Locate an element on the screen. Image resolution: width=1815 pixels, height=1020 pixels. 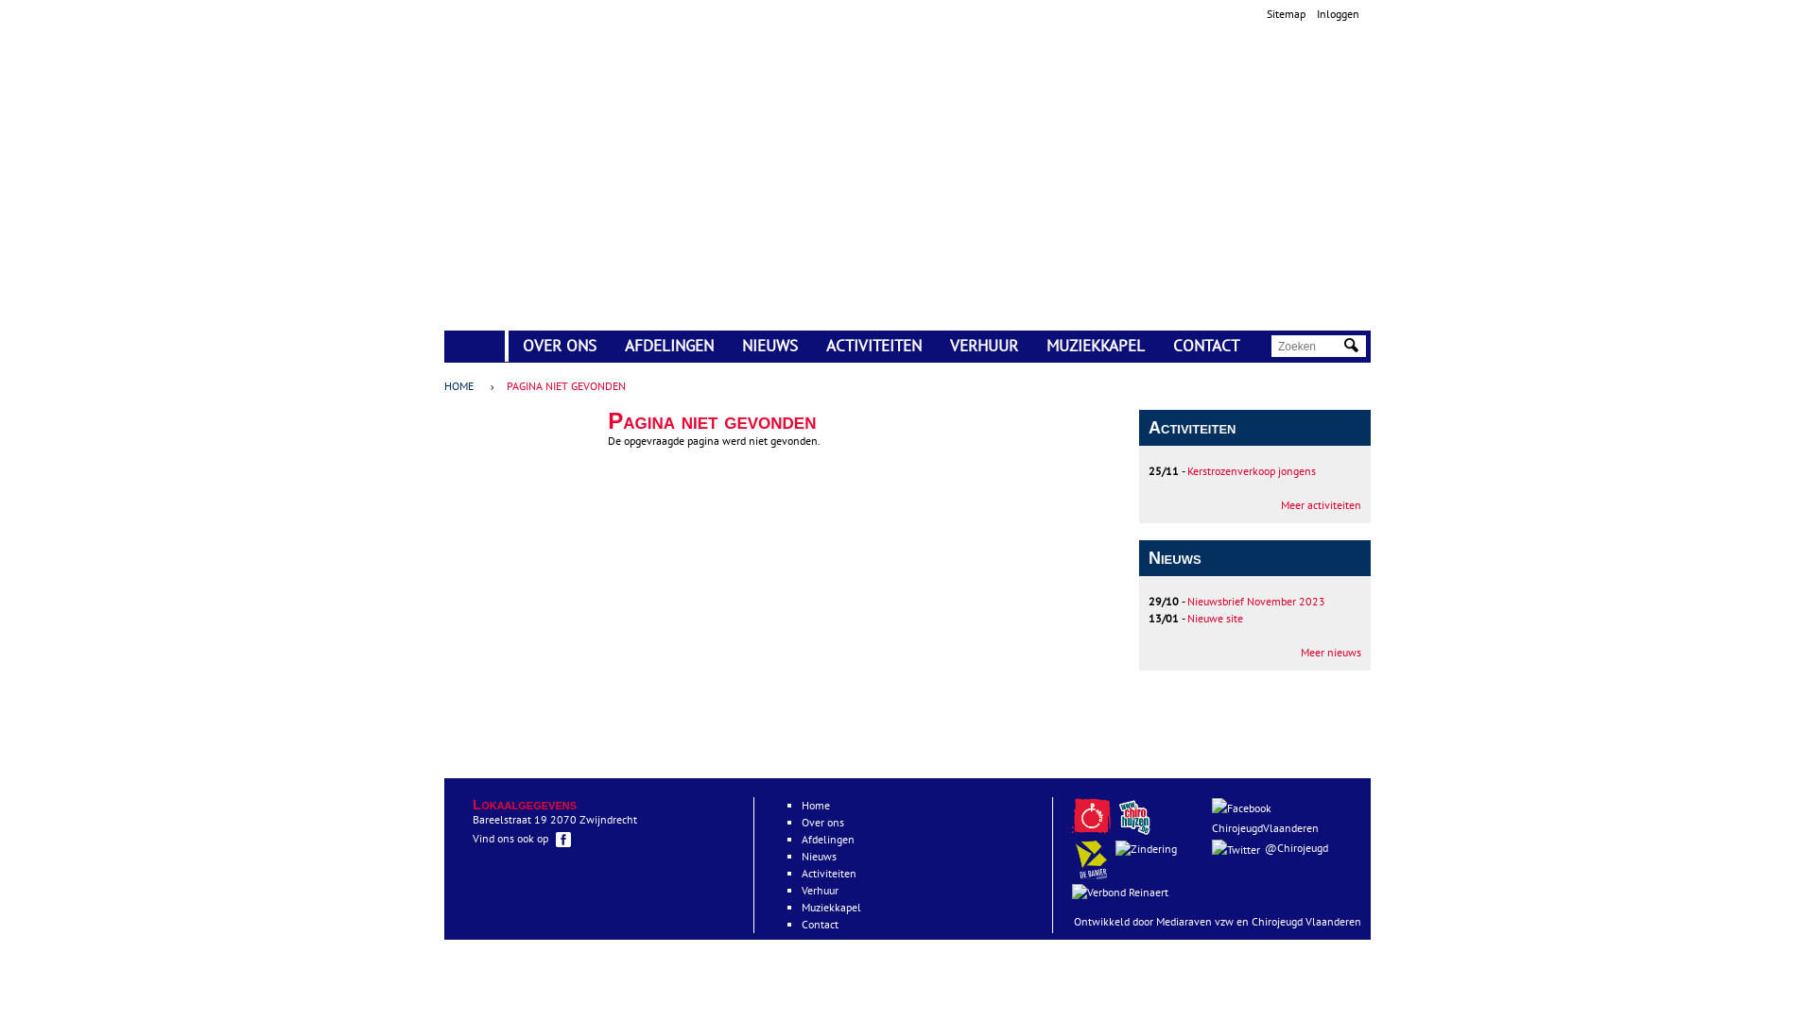
'Geef de woorden op waarnaar u wilt zoeken.' is located at coordinates (1308, 346).